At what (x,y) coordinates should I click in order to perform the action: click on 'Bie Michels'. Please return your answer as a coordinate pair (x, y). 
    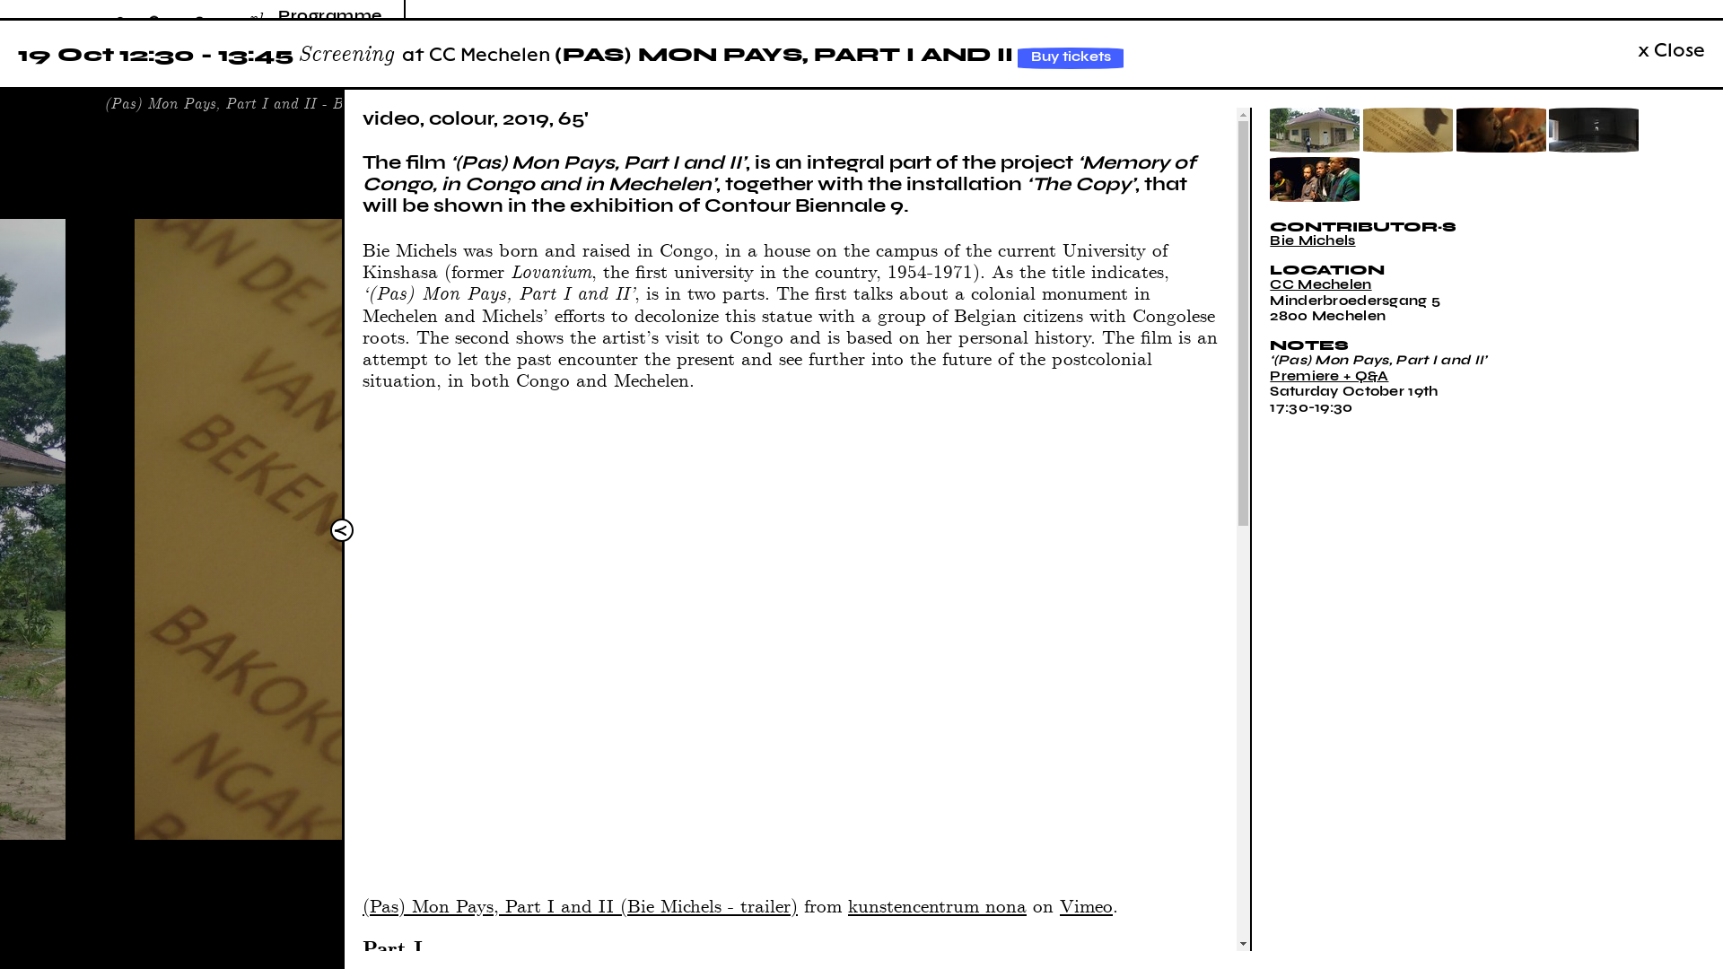
    Looking at the image, I should click on (1312, 239).